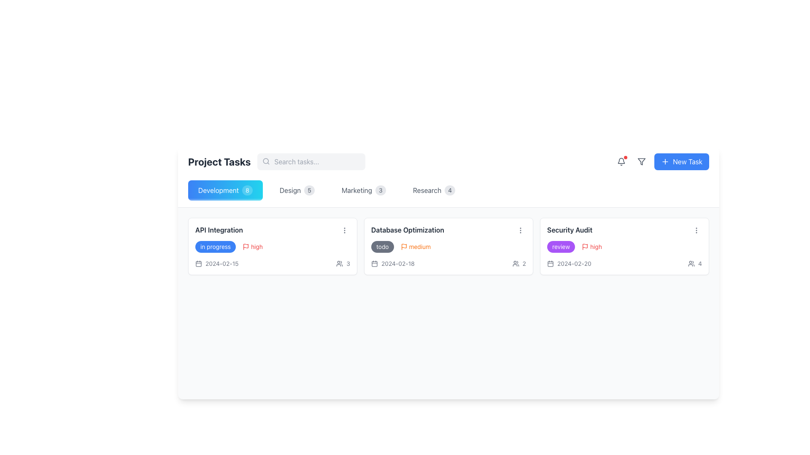  What do you see at coordinates (641, 162) in the screenshot?
I see `the light gray filter icon button located in the top-right corner of the interface, positioned between the notification icon and the 'New Task' button` at bounding box center [641, 162].